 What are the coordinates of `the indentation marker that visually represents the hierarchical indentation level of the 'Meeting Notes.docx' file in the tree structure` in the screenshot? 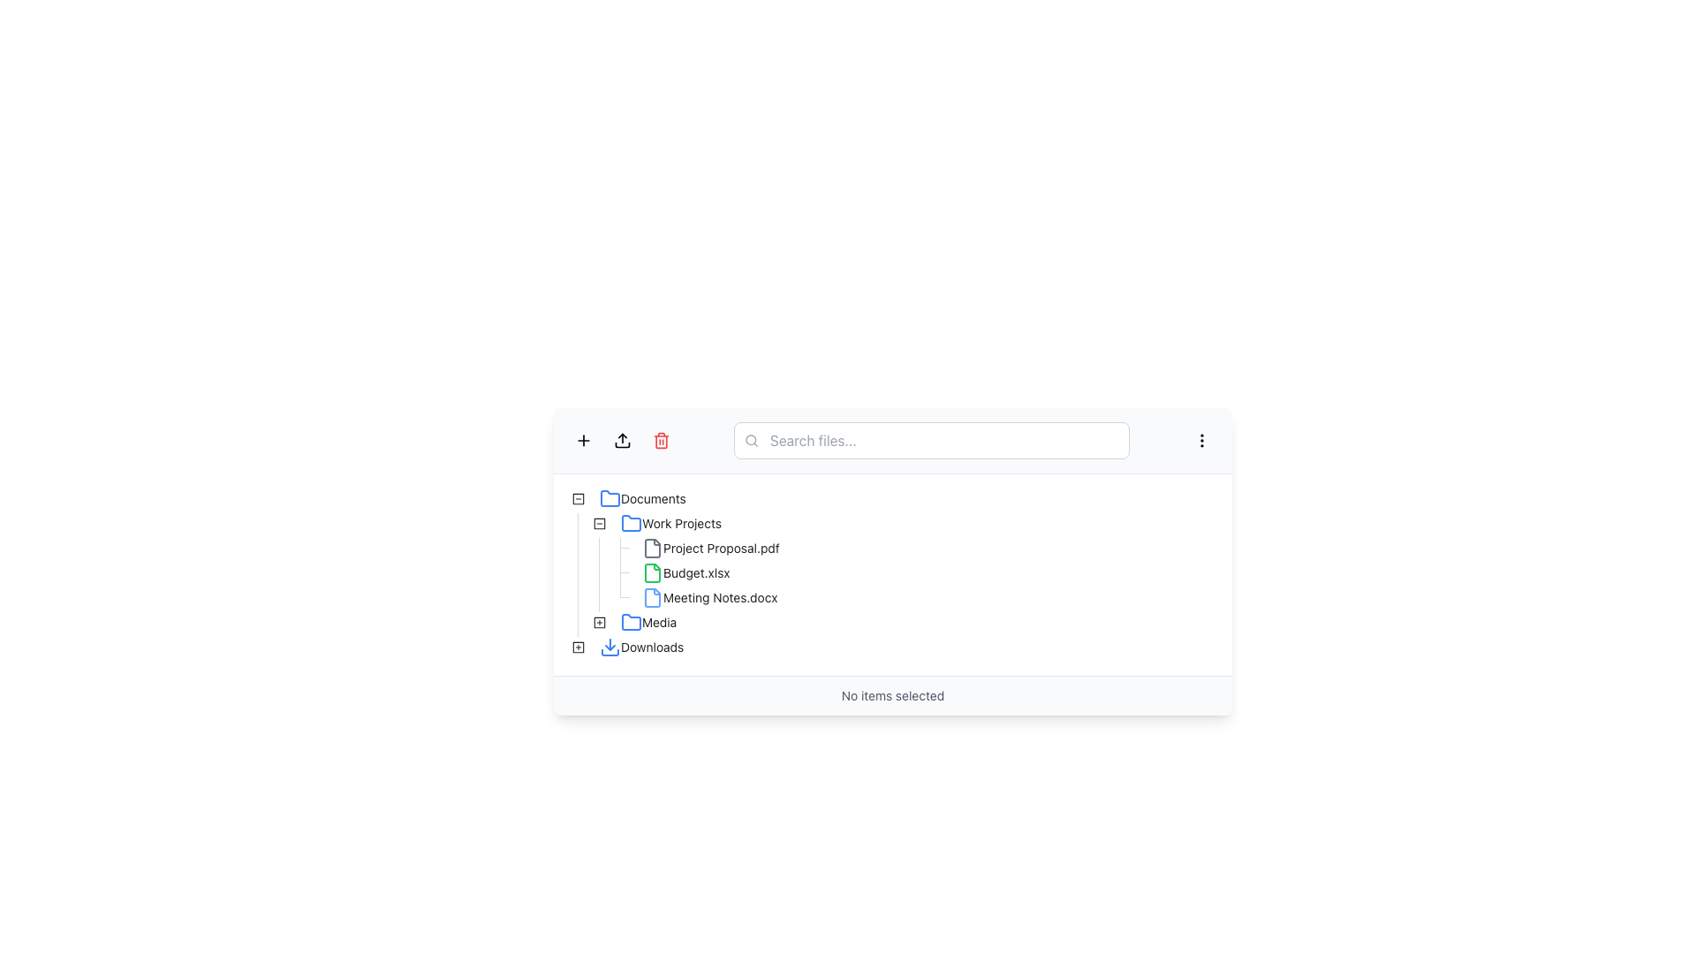 It's located at (589, 597).